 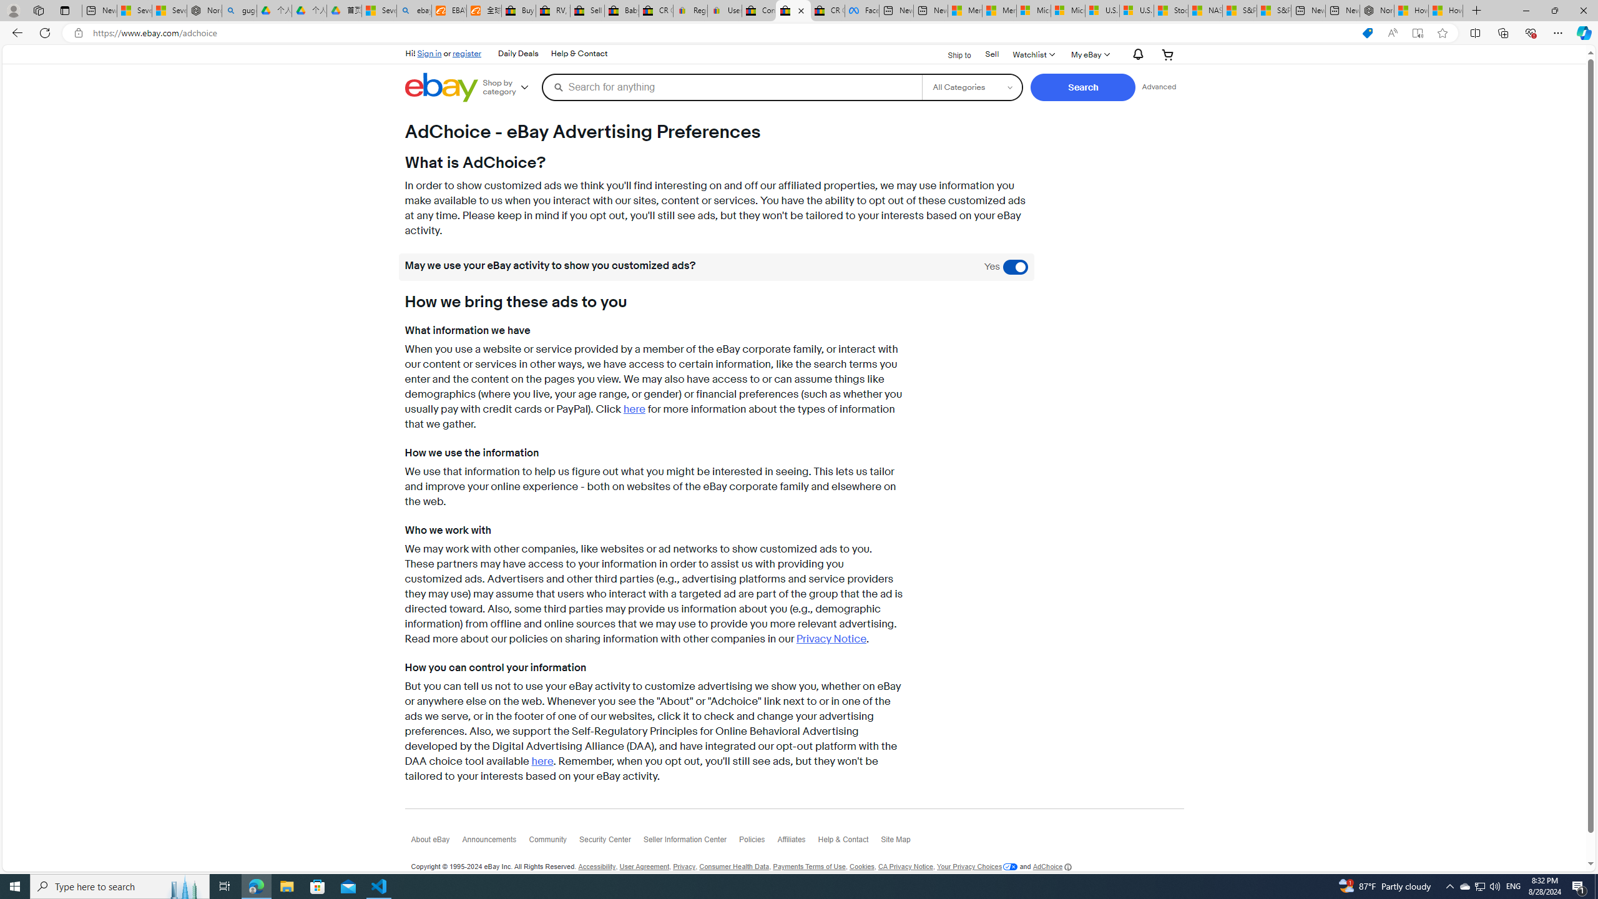 I want to click on 'WatchlistExpand Watch List', so click(x=1033, y=54).